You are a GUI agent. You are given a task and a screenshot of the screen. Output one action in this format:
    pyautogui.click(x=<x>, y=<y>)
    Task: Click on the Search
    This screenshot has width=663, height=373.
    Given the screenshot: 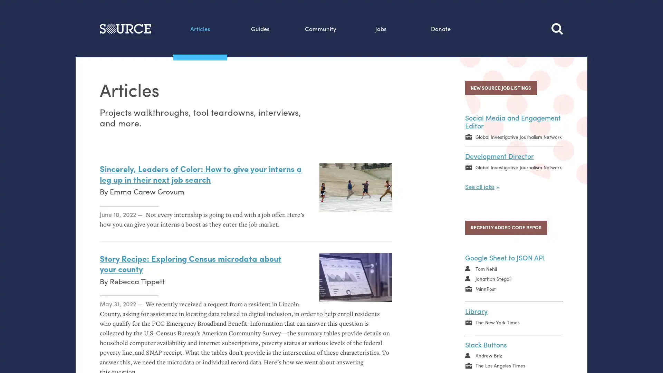 What is the action you would take?
    pyautogui.click(x=557, y=90)
    